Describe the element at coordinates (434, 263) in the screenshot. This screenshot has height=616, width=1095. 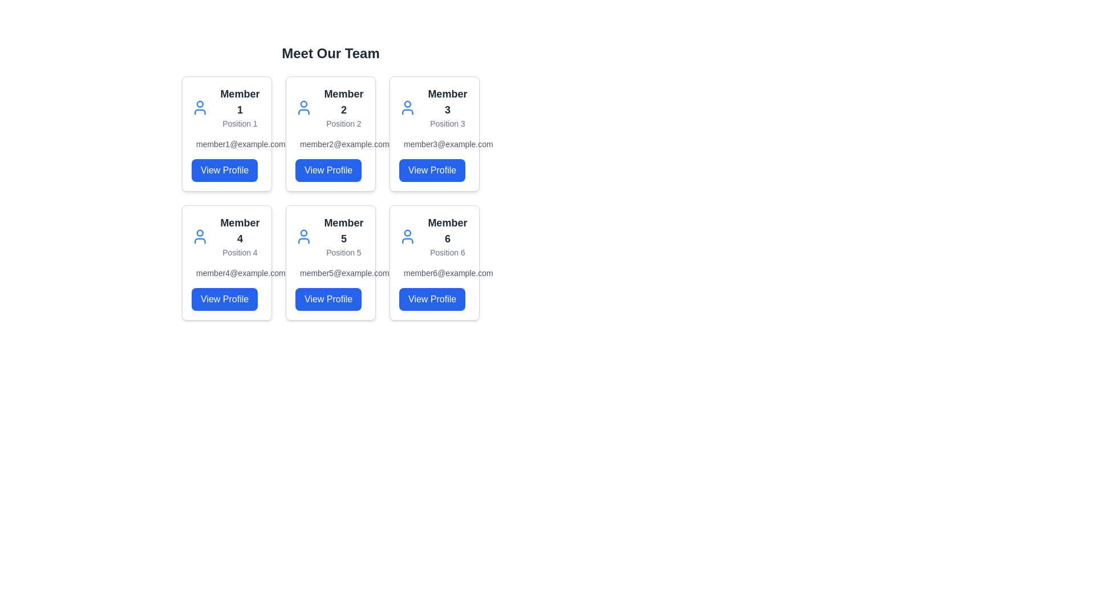
I see `the card representing 'Member 6', which includes the title, position, email address, and the 'View Profile' button, located in the bottom row, third column of the 'Meet Our Team' grid layout` at that location.